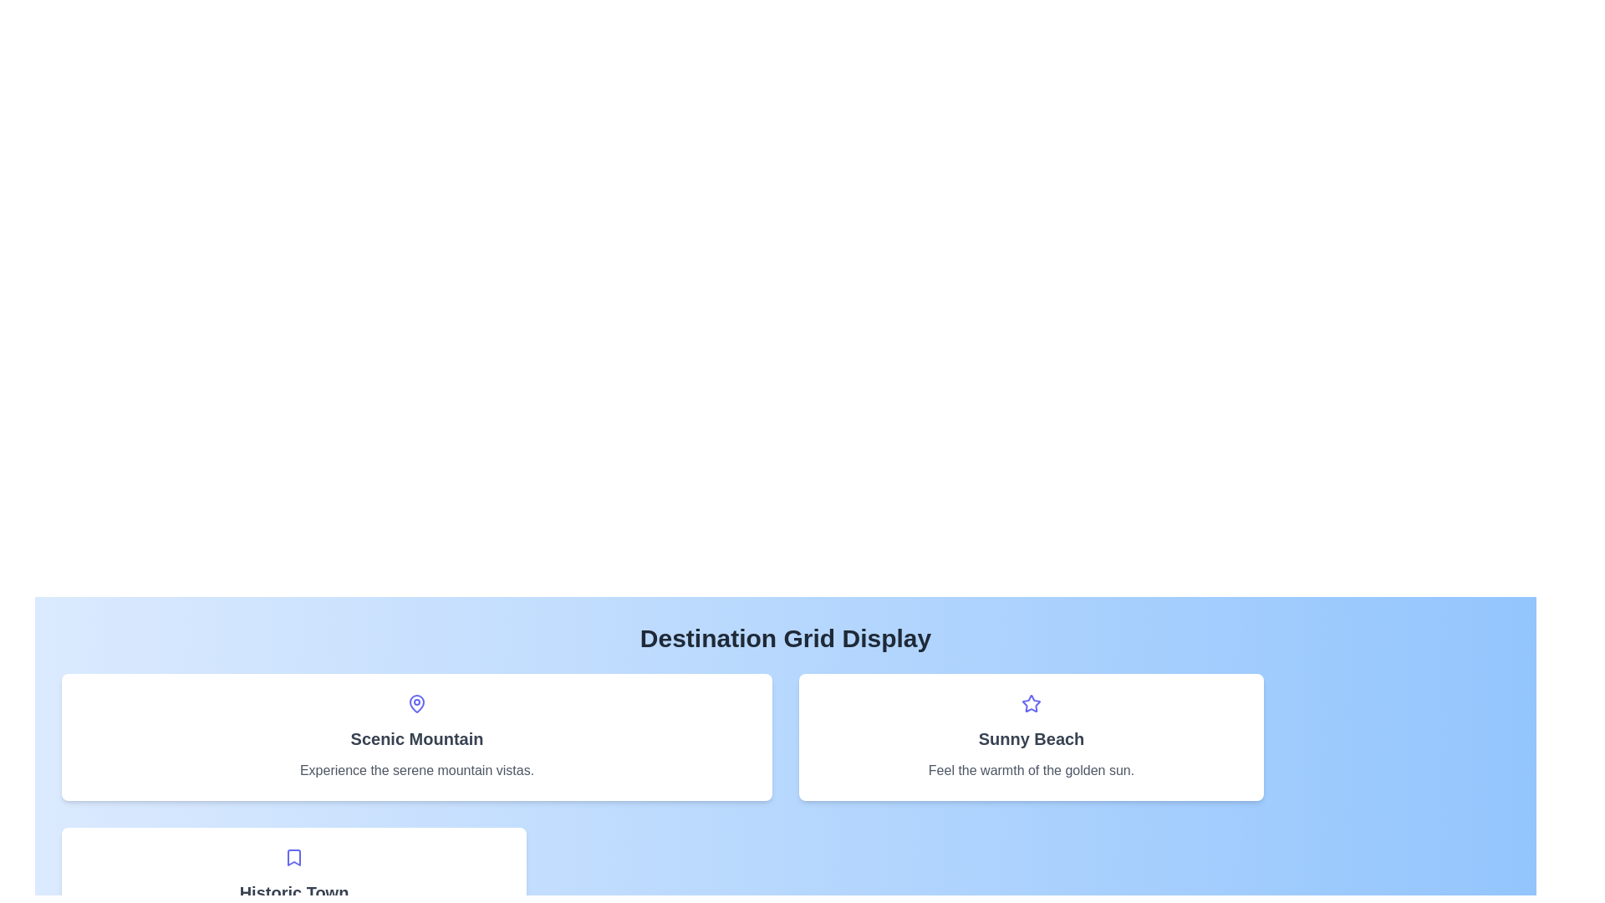 The height and width of the screenshot is (903, 1605). I want to click on the text label that contains 'Feel the warmth of the golden sun.' which is styled in gray color and is located below the title 'Sunny Beach', so click(1030, 770).